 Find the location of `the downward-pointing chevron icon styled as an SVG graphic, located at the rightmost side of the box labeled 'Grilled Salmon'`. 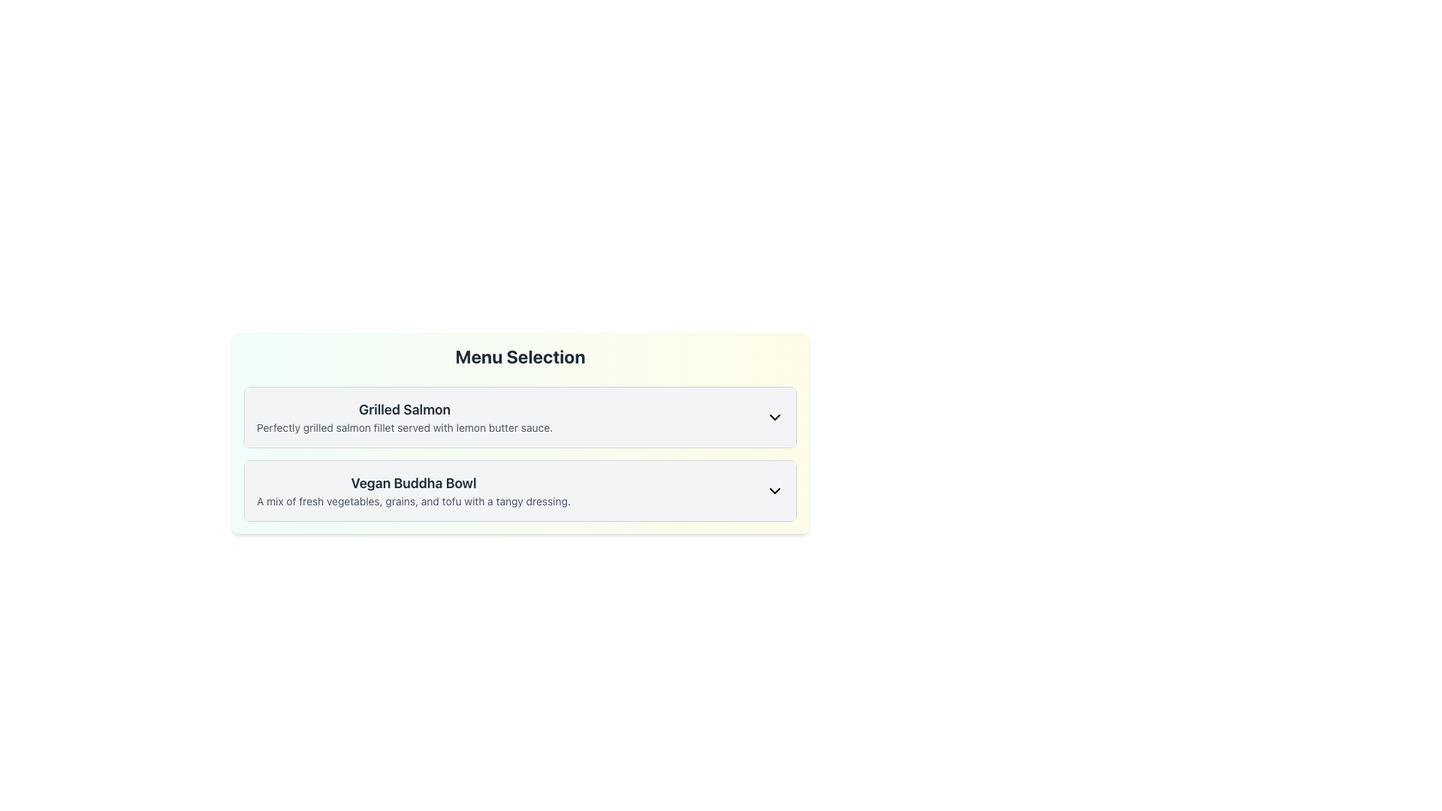

the downward-pointing chevron icon styled as an SVG graphic, located at the rightmost side of the box labeled 'Grilled Salmon' is located at coordinates (775, 417).